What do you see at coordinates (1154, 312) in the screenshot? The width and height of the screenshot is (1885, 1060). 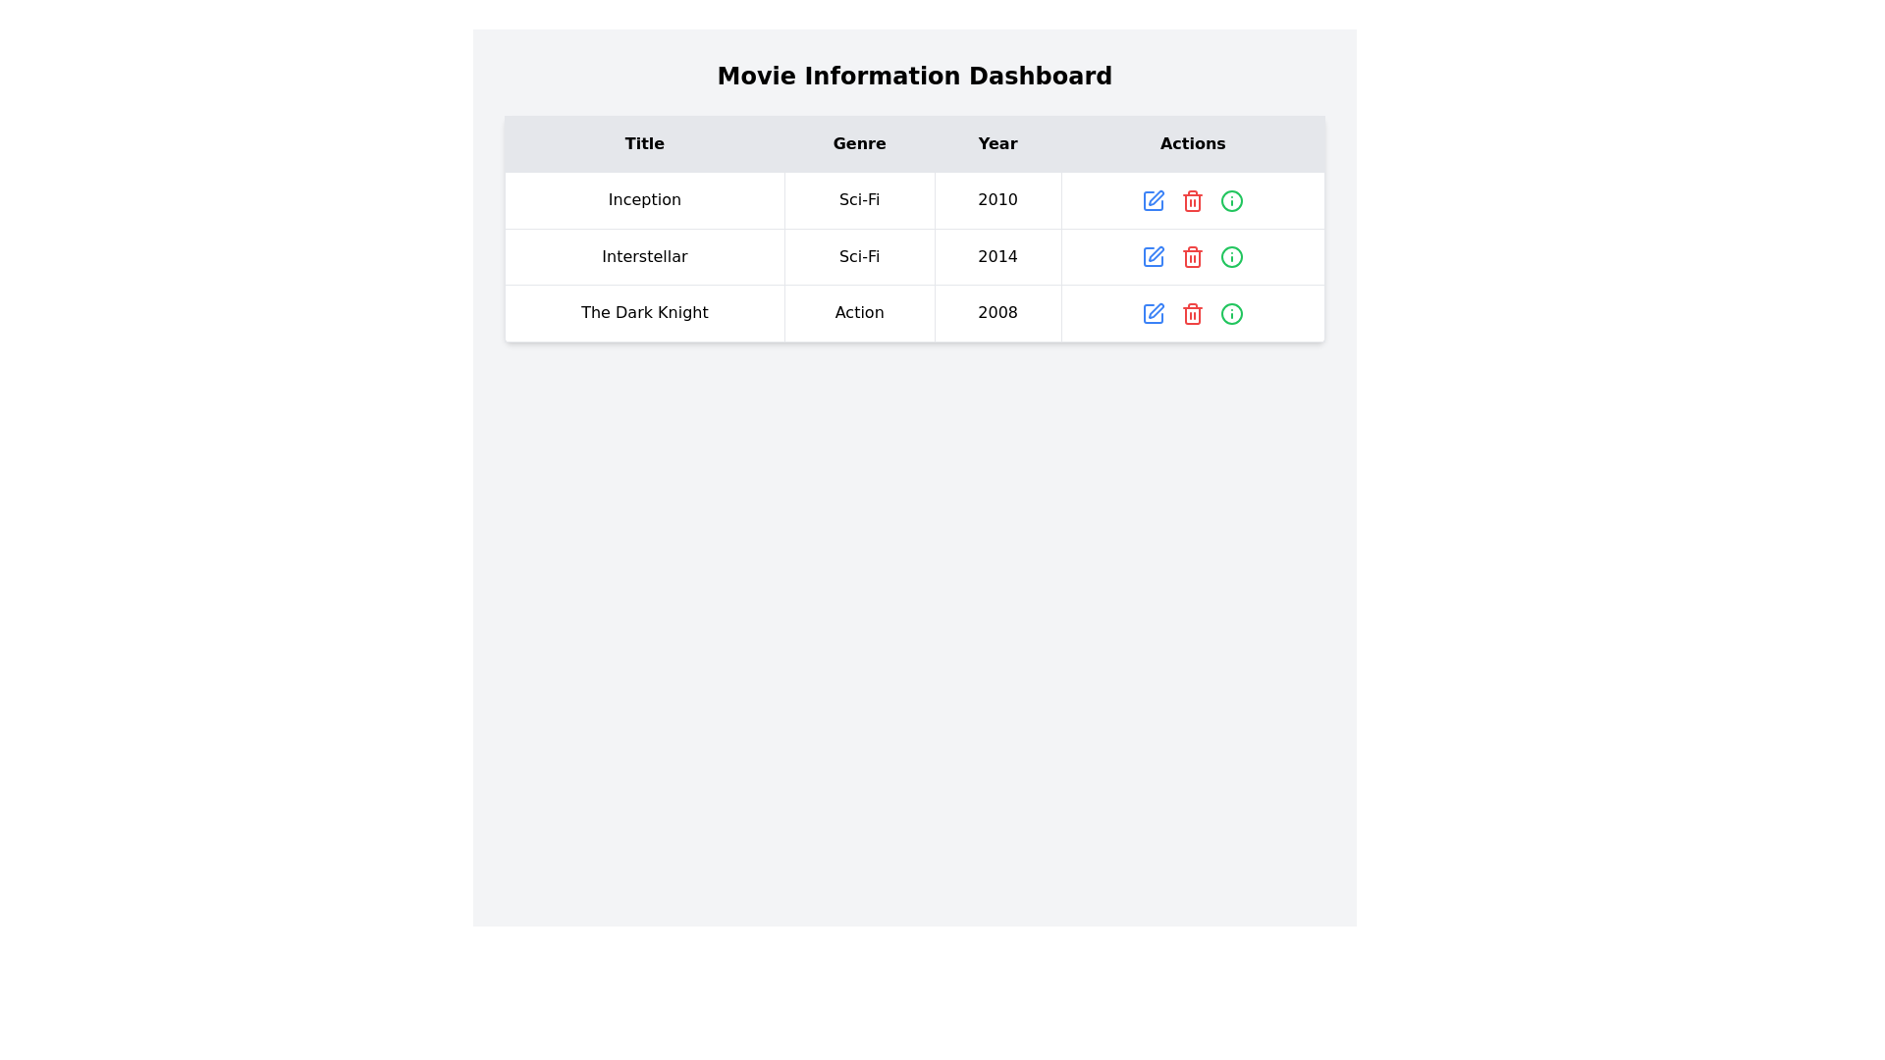 I see `the leftmost edit action icon in the 'Actions' column of the last row to initiate editing` at bounding box center [1154, 312].